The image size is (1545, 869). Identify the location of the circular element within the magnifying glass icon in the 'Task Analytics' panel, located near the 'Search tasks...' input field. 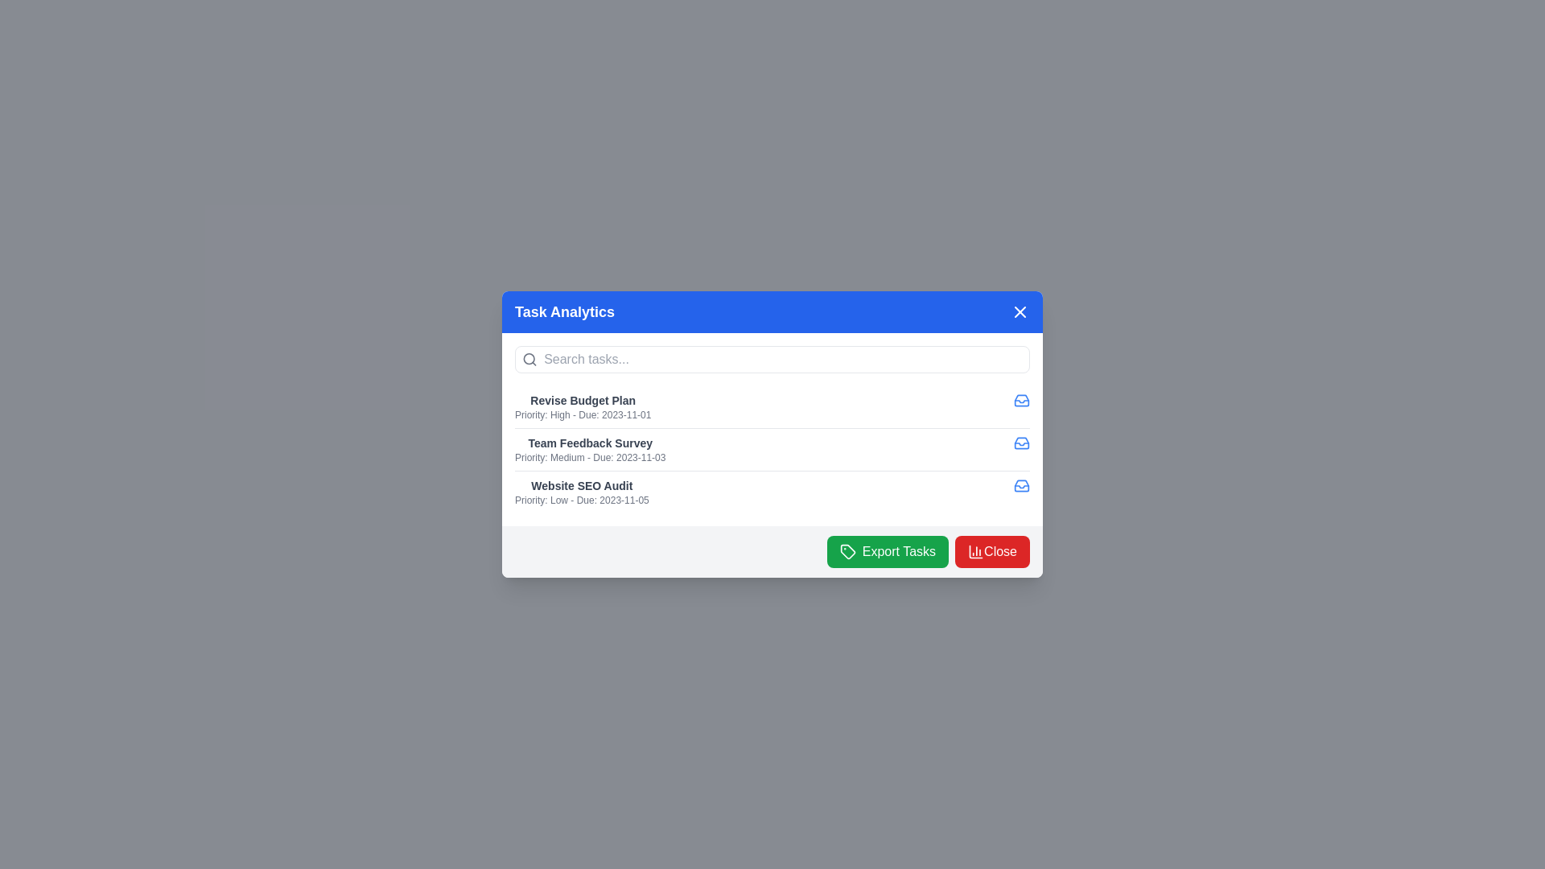
(529, 358).